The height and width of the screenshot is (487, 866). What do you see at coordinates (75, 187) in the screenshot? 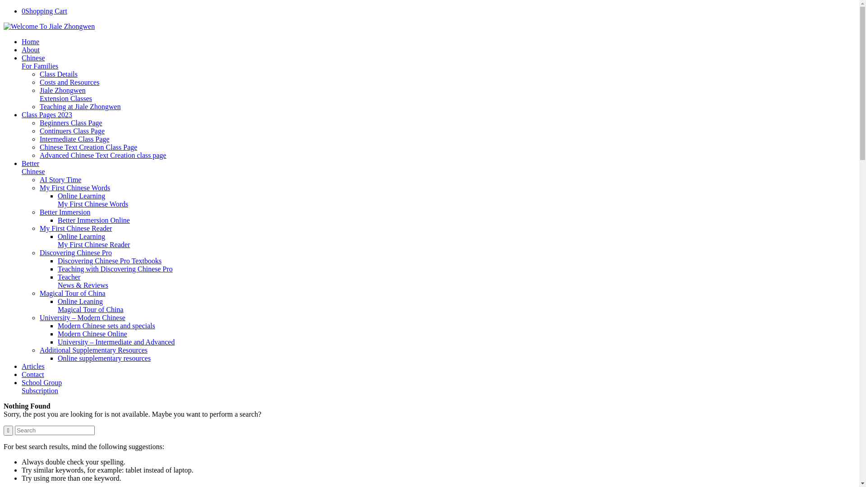
I see `'My First Chinese Words'` at bounding box center [75, 187].